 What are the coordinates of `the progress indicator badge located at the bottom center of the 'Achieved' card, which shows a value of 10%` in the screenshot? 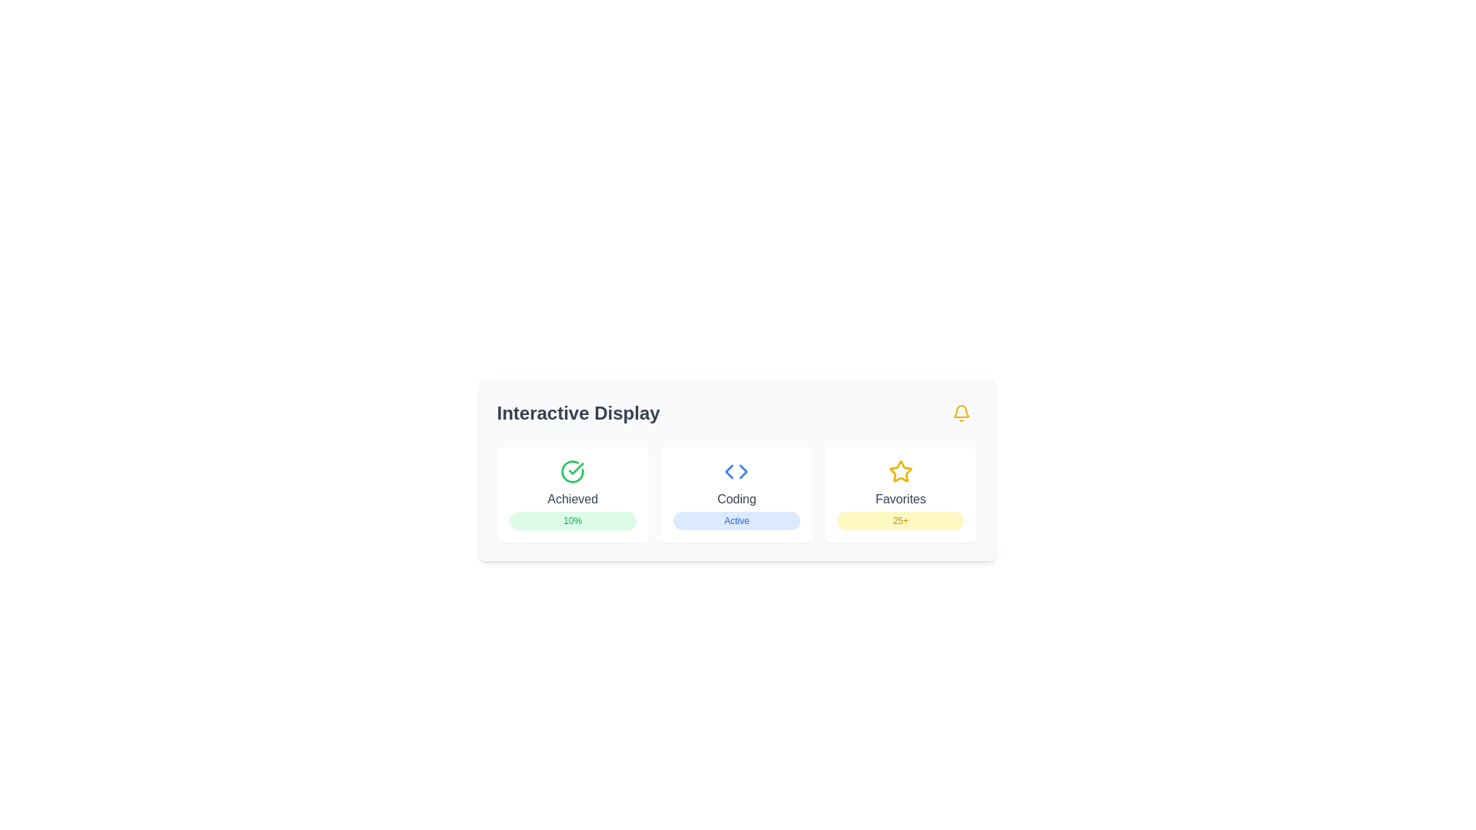 It's located at (572, 520).